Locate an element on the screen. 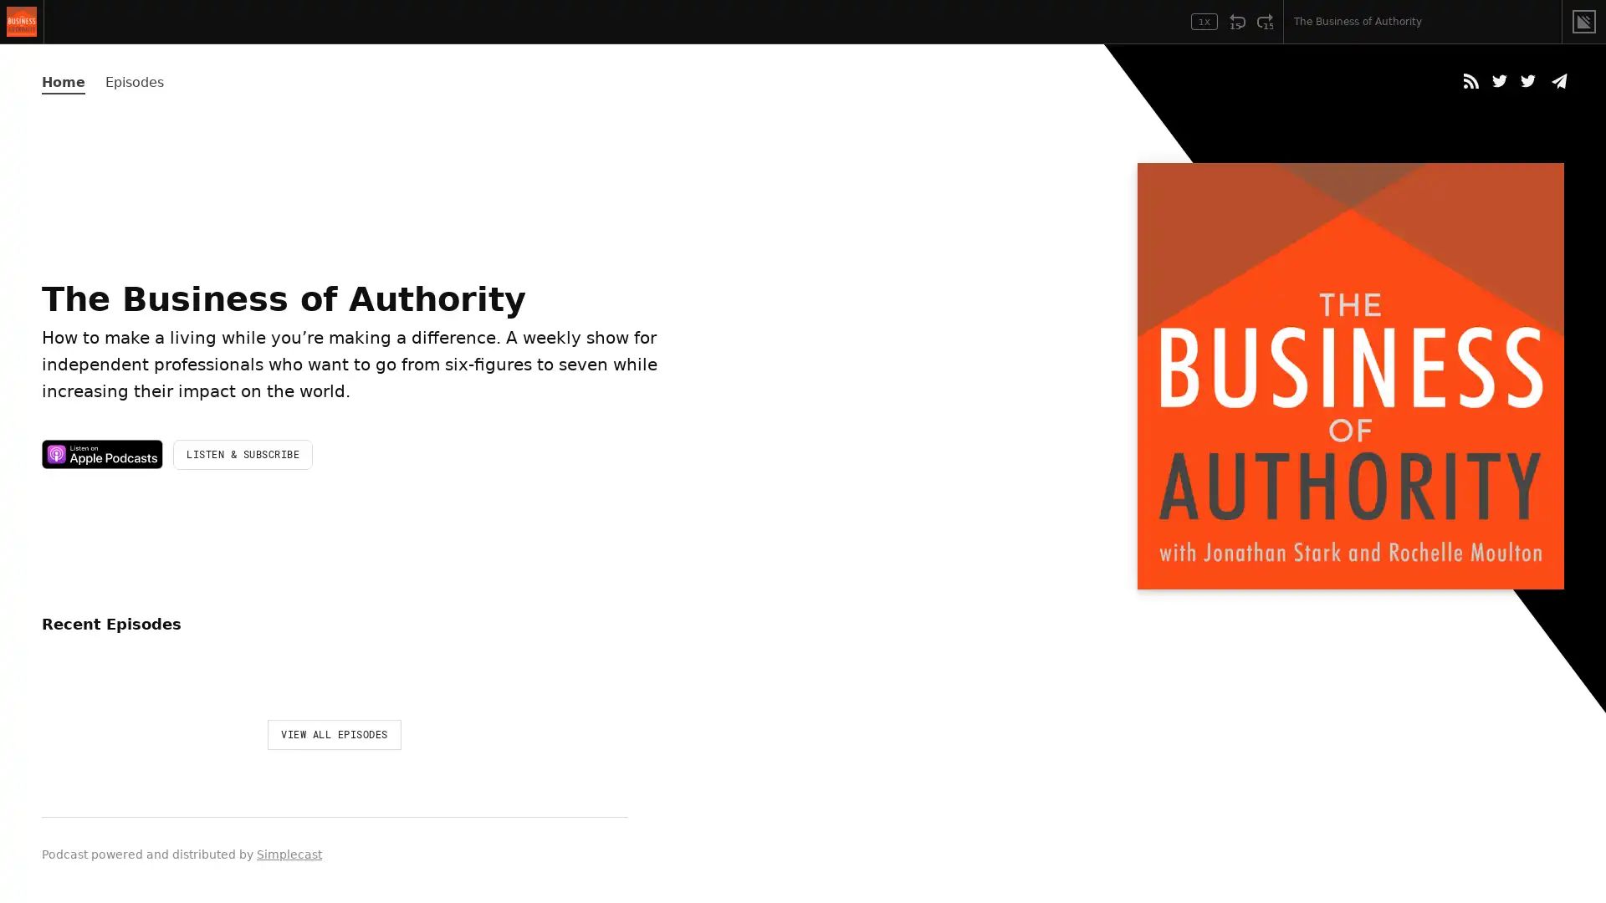 This screenshot has height=903, width=1606. Open Player Settings is located at coordinates (1156, 22).